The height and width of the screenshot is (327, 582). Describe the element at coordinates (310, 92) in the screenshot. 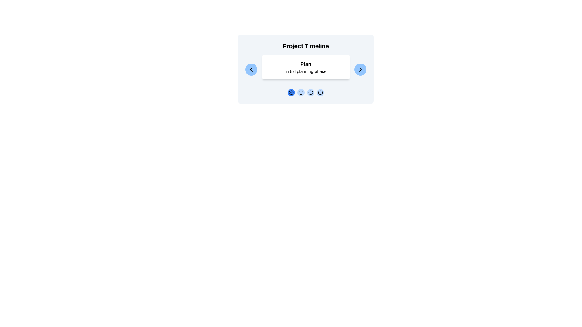

I see `the third circular icon from the left in the row of circular icons below the main content area` at that location.